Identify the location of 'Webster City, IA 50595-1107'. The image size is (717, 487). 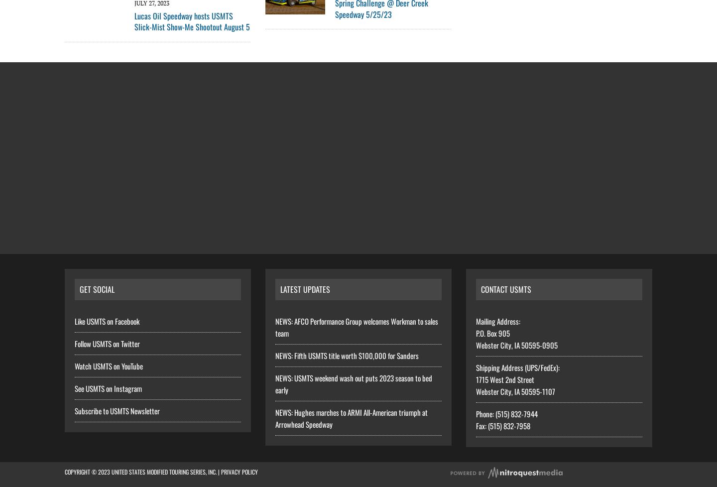
(515, 390).